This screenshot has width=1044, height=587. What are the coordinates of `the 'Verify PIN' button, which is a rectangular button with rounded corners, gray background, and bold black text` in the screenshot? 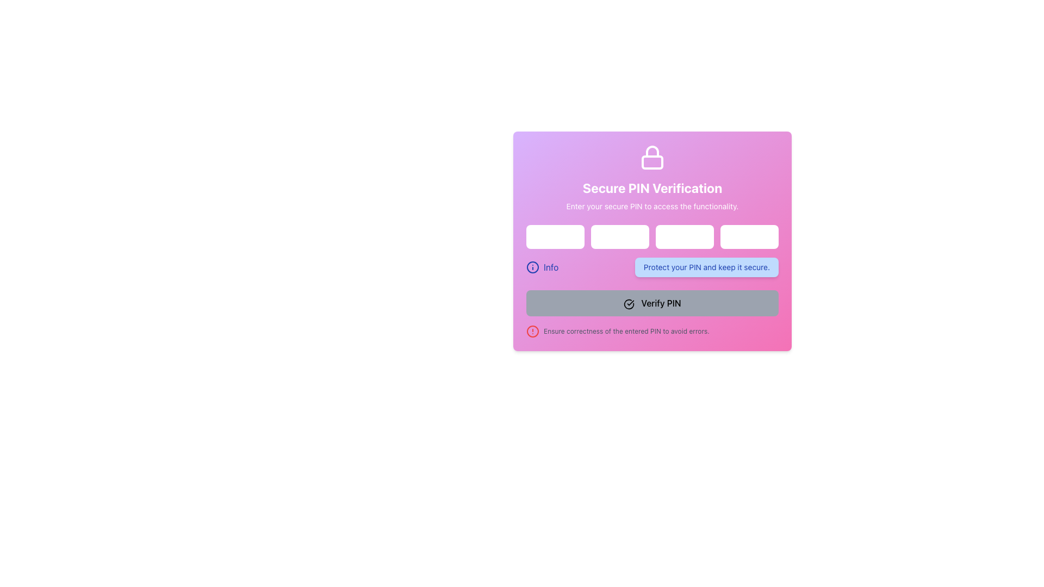 It's located at (652, 303).